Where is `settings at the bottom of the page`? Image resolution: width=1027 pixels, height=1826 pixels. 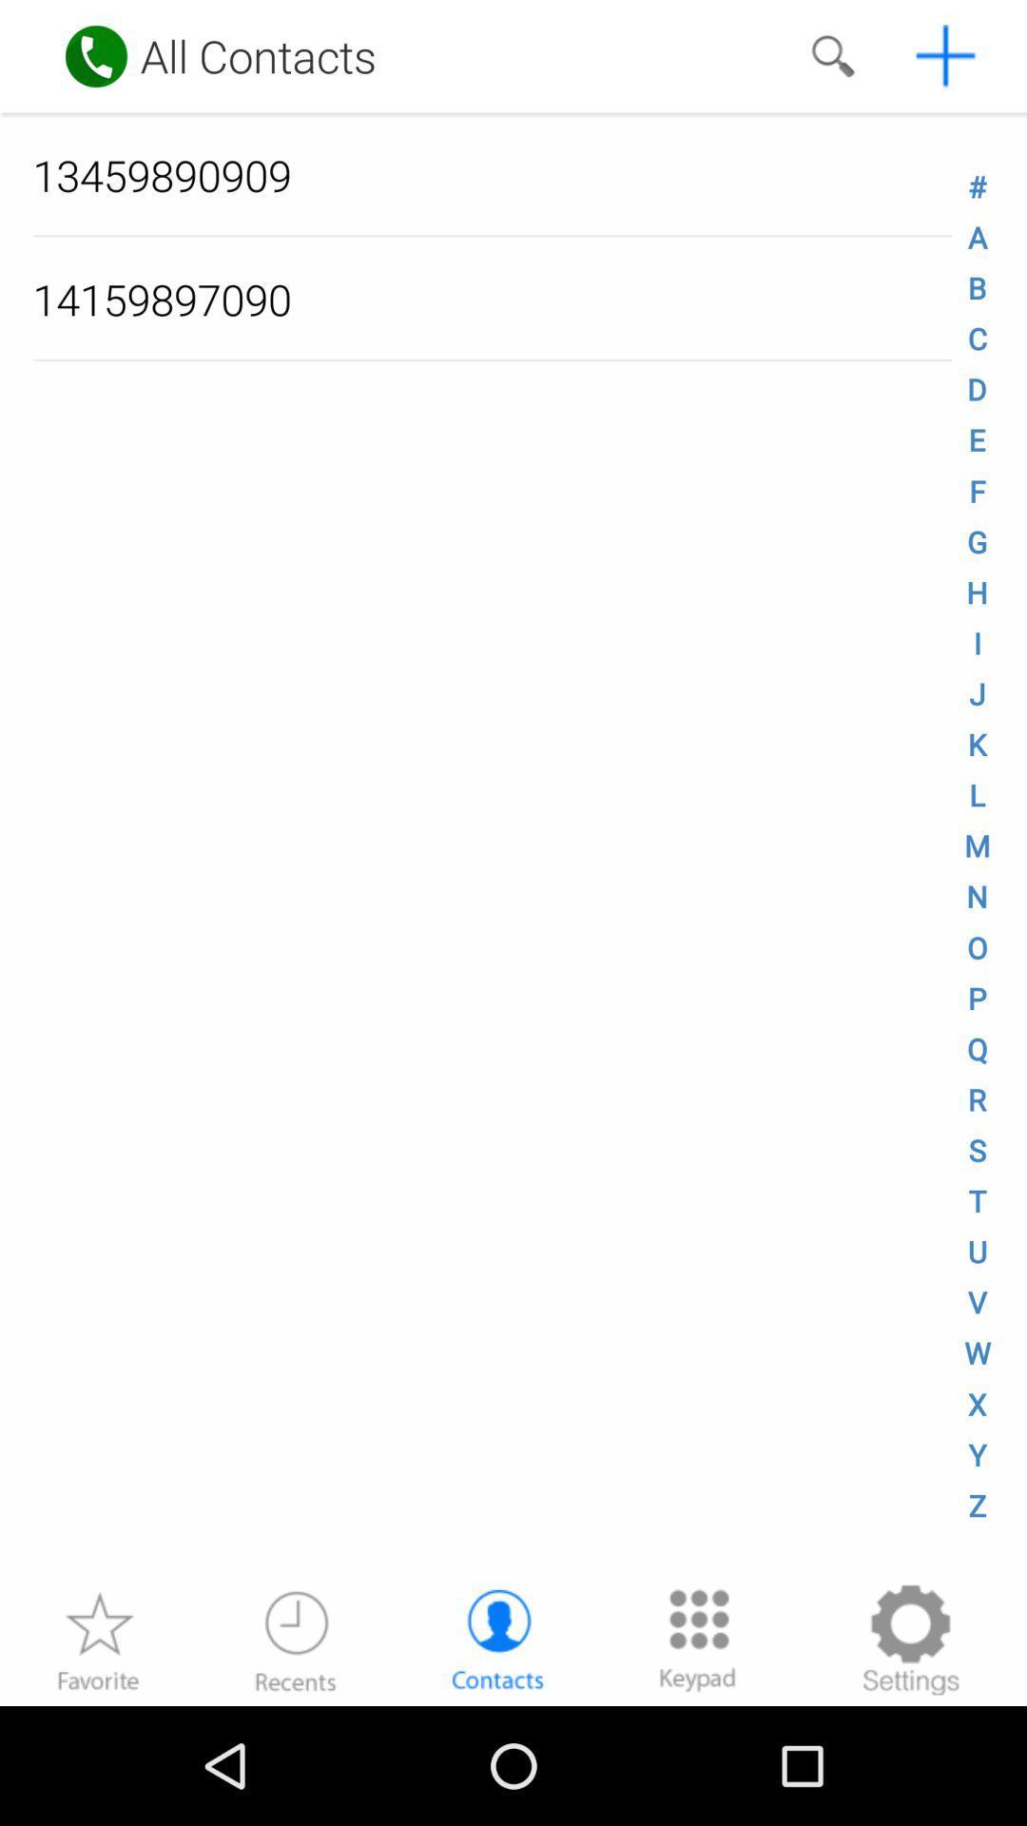
settings at the bottom of the page is located at coordinates (909, 1639).